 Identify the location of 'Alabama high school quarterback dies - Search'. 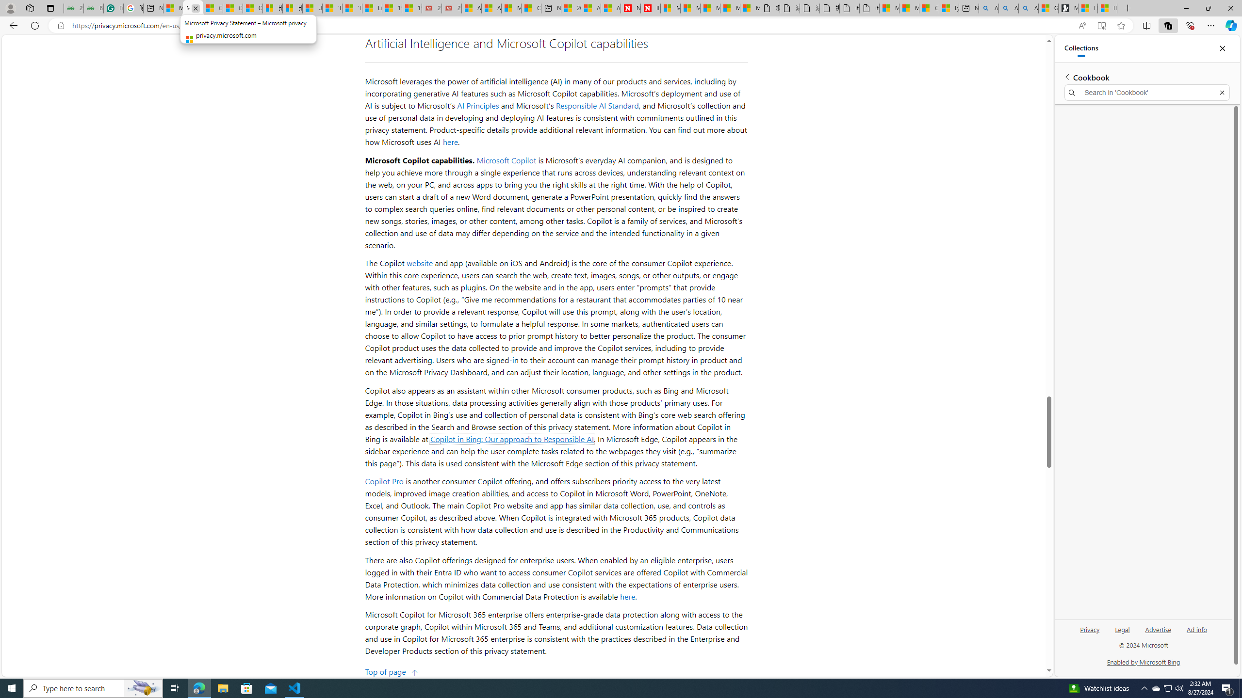
(988, 8).